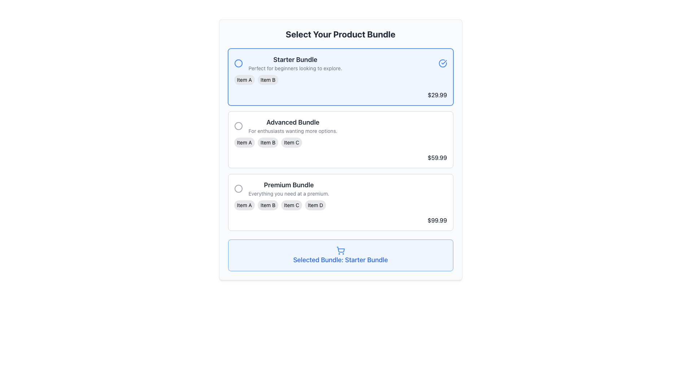  What do you see at coordinates (340, 202) in the screenshot?
I see `the radio button for the 'Premium Bundle' option, which is the third item in the vertical list of selectable bundles, positioned below the 'Advanced Bundle' and above the cart summary` at bounding box center [340, 202].